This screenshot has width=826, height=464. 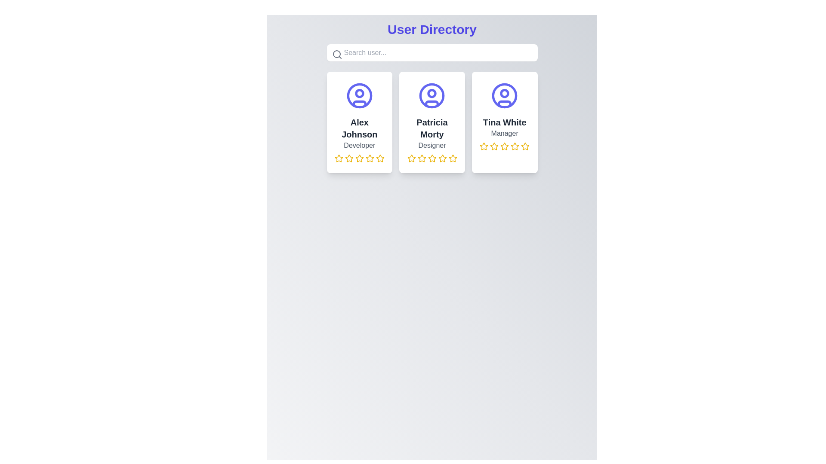 What do you see at coordinates (494, 146) in the screenshot?
I see `the third yellow star icon in the rating component below the user card for Tina White to set a 3-star rating` at bounding box center [494, 146].